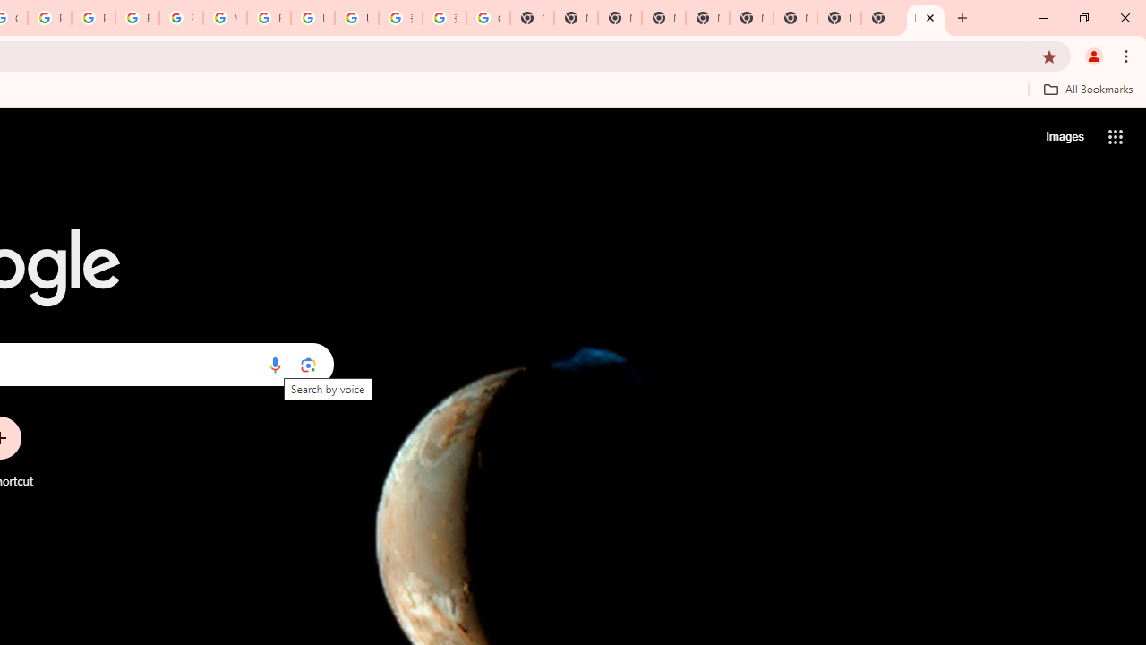  Describe the element at coordinates (224, 18) in the screenshot. I see `'YouTube'` at that location.